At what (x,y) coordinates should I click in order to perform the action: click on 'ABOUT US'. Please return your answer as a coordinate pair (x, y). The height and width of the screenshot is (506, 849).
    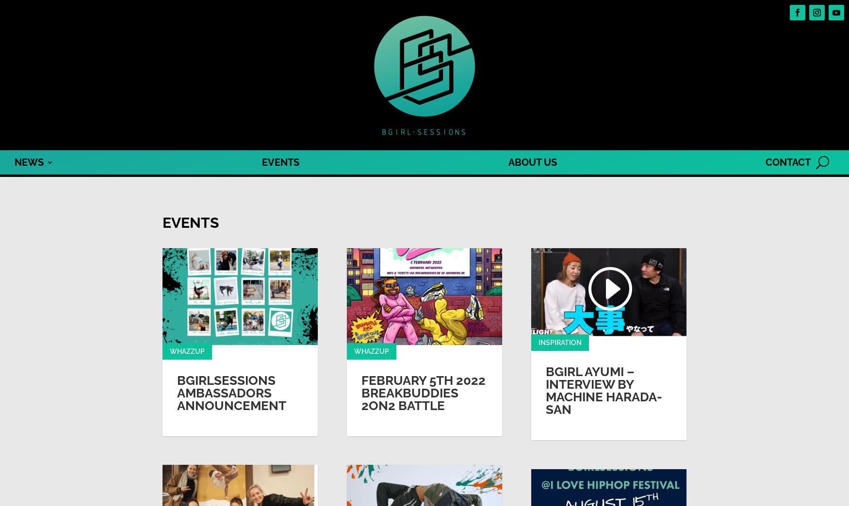
    Looking at the image, I should click on (532, 162).